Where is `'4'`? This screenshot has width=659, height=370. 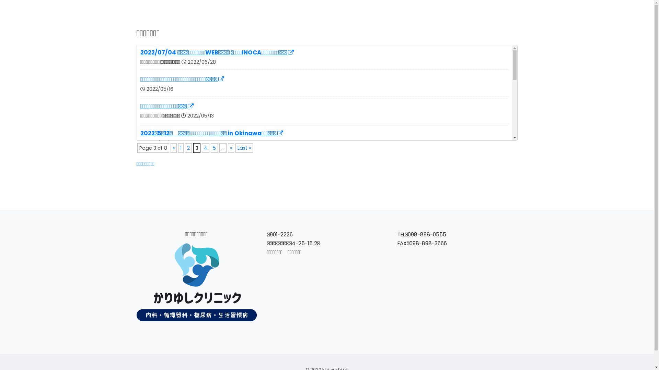
'4' is located at coordinates (201, 148).